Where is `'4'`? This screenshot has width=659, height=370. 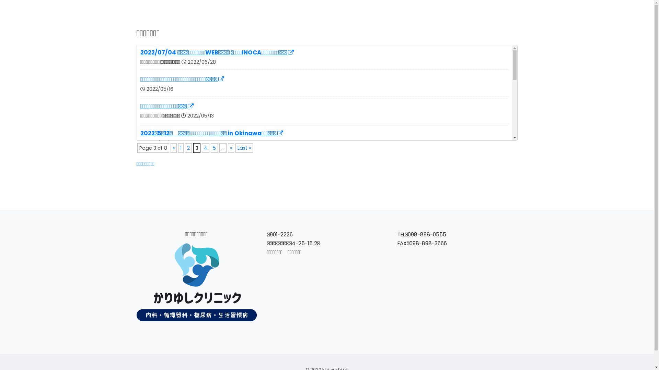
'4' is located at coordinates (201, 148).